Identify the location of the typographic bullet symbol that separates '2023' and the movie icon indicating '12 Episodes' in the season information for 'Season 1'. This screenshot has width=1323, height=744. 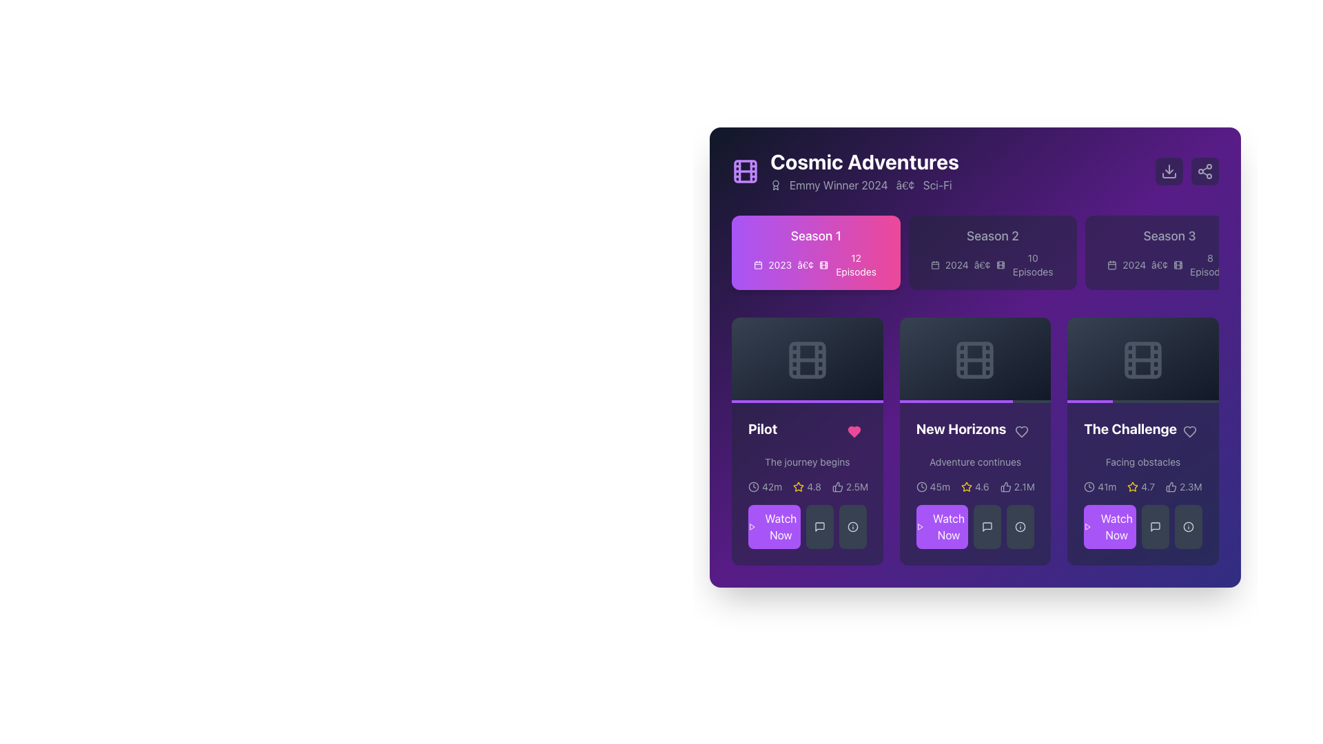
(806, 265).